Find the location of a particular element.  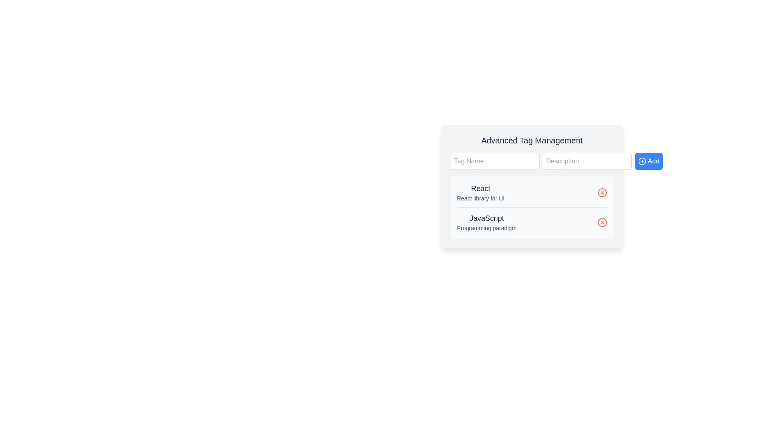

the Text Label element displaying 'JavaScript', which is styled in large, bold, medium-dark font and is located in the 'Advanced Tag Management' section of the card interface is located at coordinates (487, 218).